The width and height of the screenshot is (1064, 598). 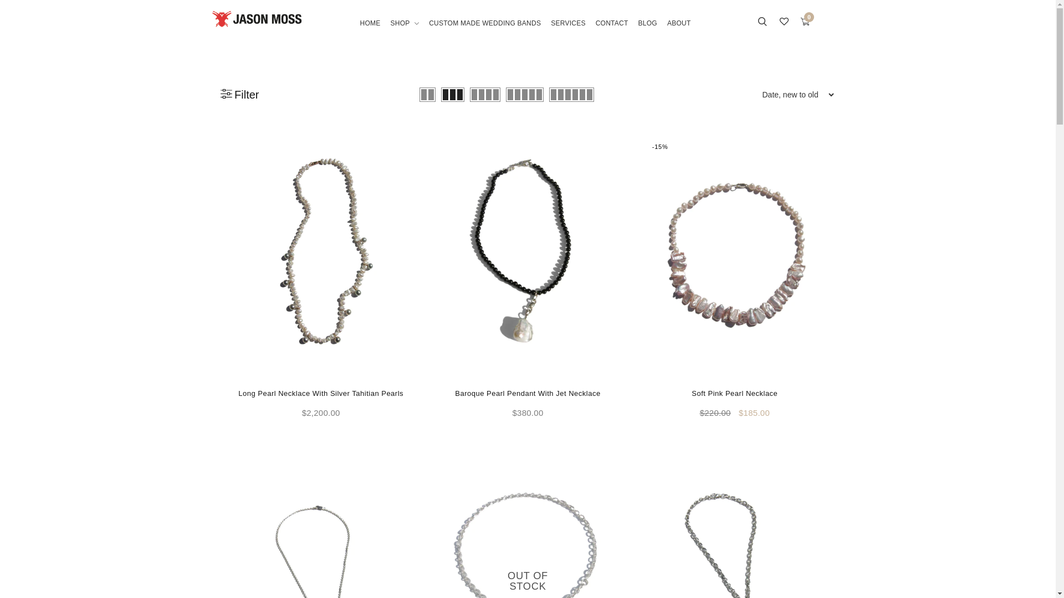 I want to click on 'ABOUT', so click(x=678, y=31).